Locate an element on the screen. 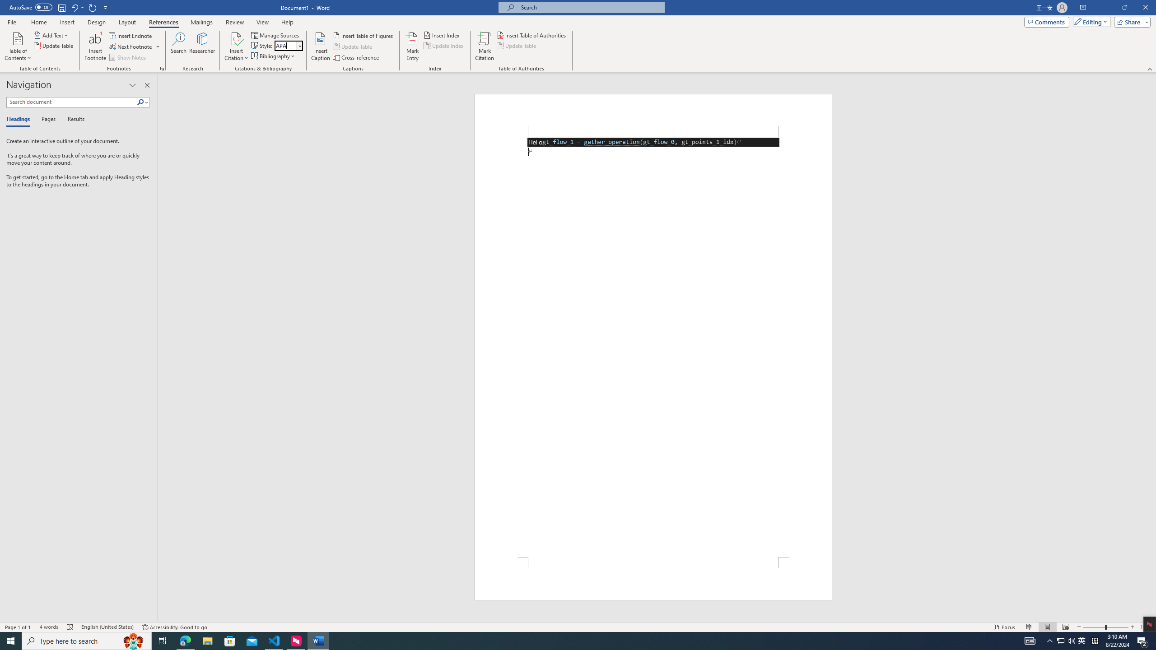  'Insert Caption...' is located at coordinates (320, 46).